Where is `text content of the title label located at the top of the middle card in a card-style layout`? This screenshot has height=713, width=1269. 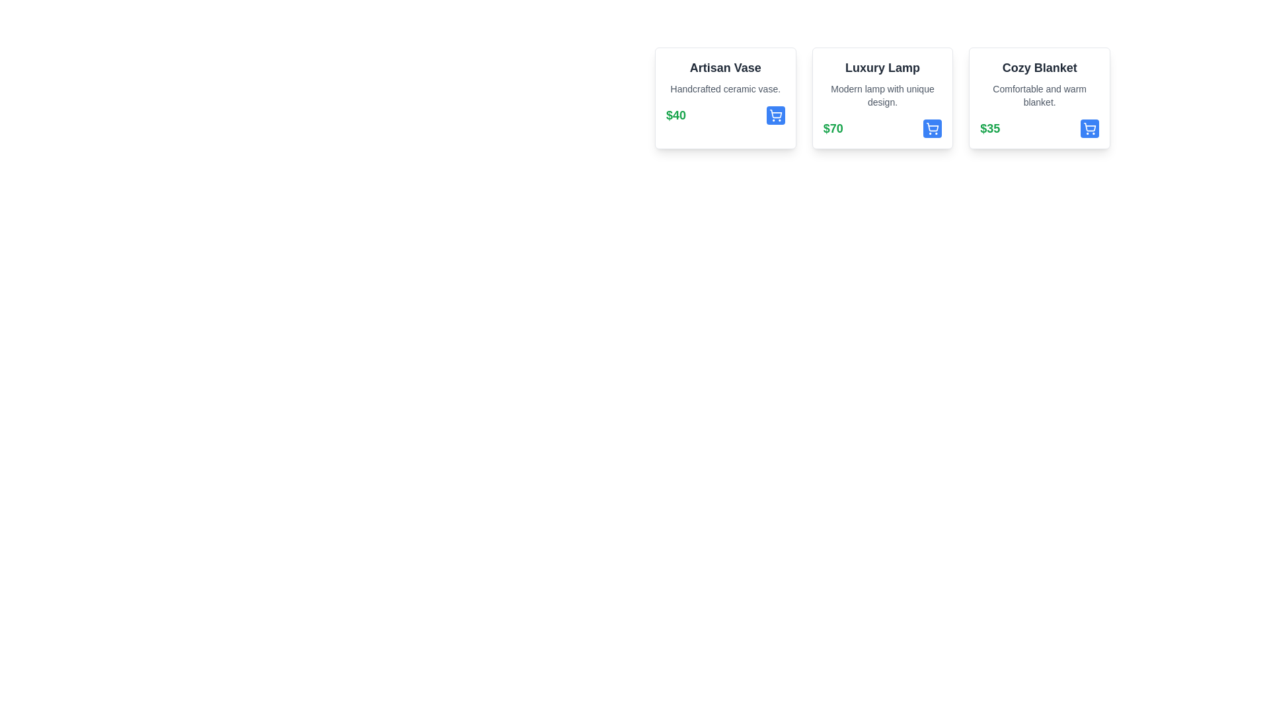 text content of the title label located at the top of the middle card in a card-style layout is located at coordinates (882, 68).